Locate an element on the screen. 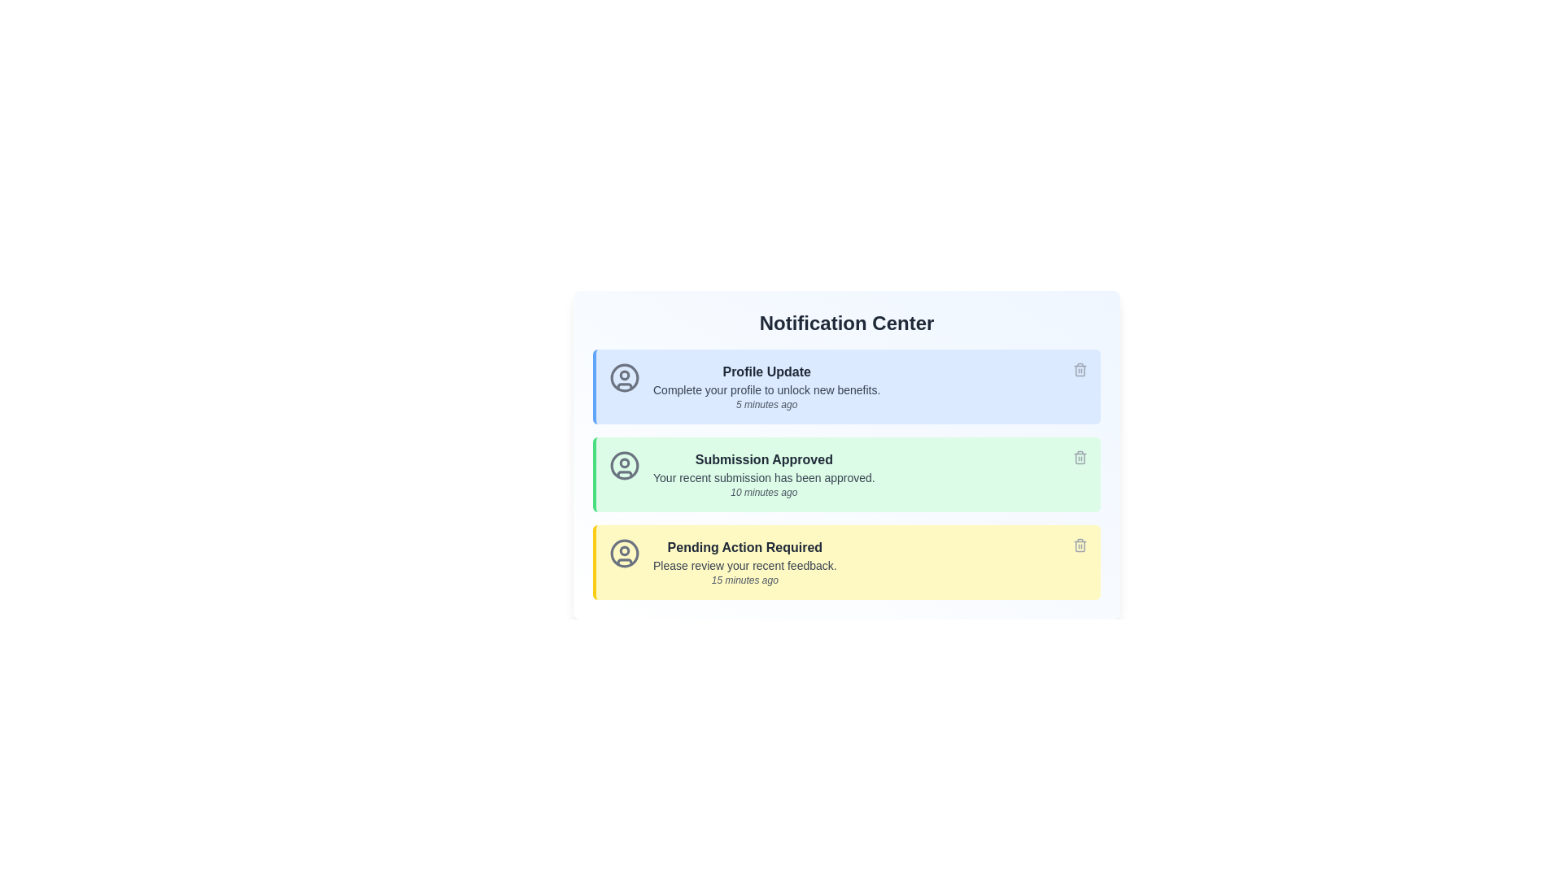  the graphical icon indicating a user profile or account-related update message located in the first notification card under the header 'Notification Center', positioned at the top-left corner adjacent to the title 'Profile Update' is located at coordinates (624, 378).